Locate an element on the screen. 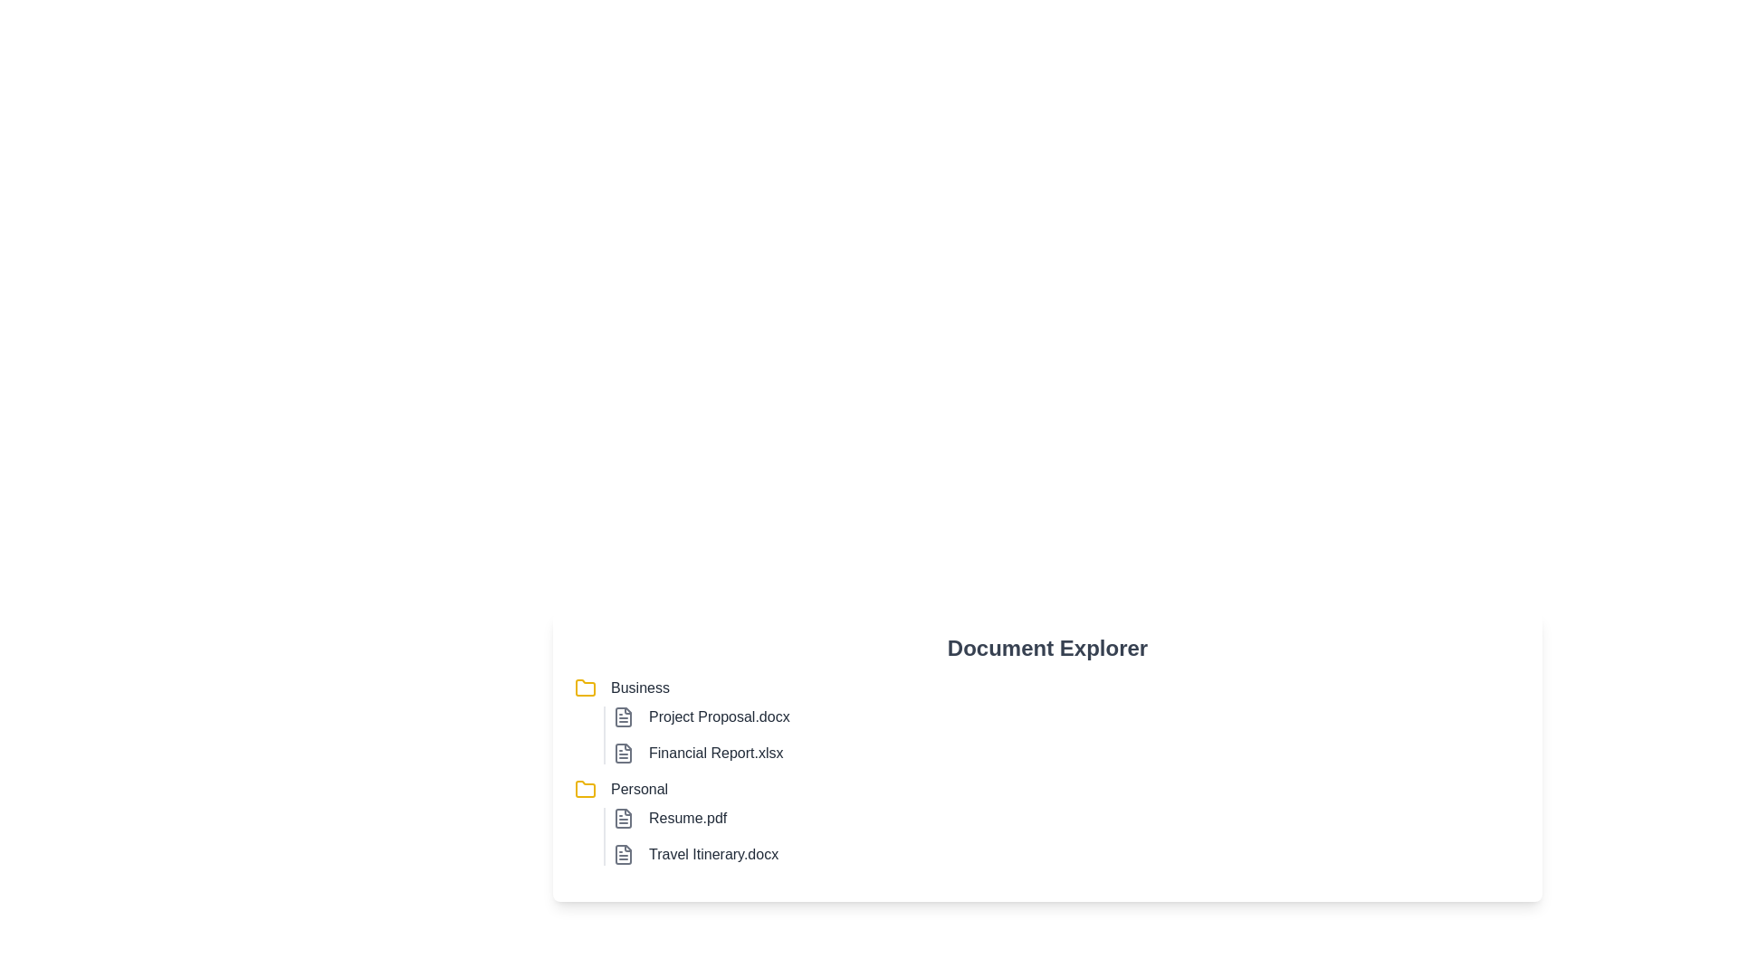 The width and height of the screenshot is (1738, 977). the header text label 'Document Explorer' which is prominently displayed in bold and large dark gray font at the top of the document hierarchy section is located at coordinates (1047, 648).